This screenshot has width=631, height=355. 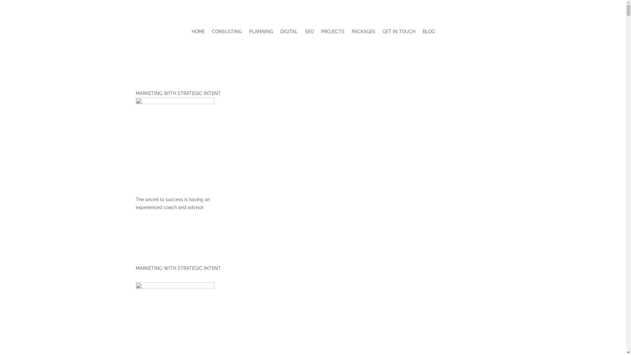 What do you see at coordinates (197, 33) in the screenshot?
I see `'HOME'` at bounding box center [197, 33].